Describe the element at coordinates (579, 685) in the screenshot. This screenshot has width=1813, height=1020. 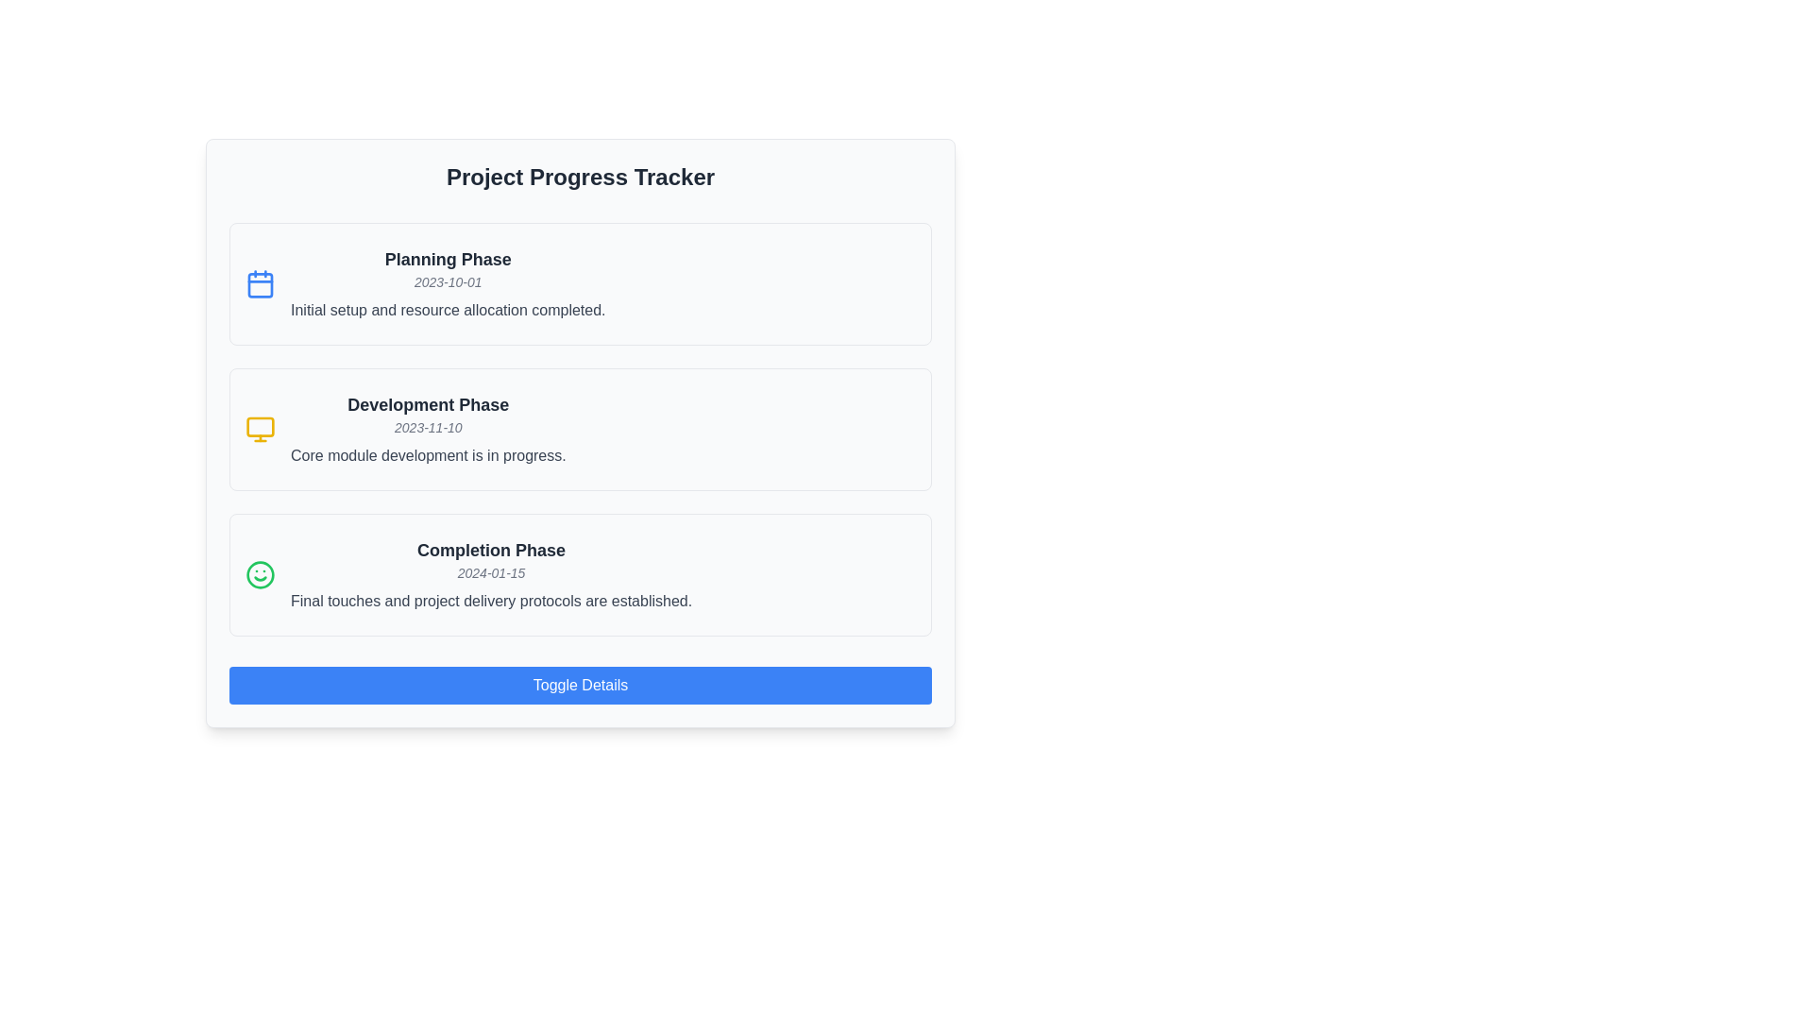
I see `the 'Toggle Details' button, which is a rectangular button with a blue background and white text, located at the bottom of the 'Project Progress Tracker' section` at that location.